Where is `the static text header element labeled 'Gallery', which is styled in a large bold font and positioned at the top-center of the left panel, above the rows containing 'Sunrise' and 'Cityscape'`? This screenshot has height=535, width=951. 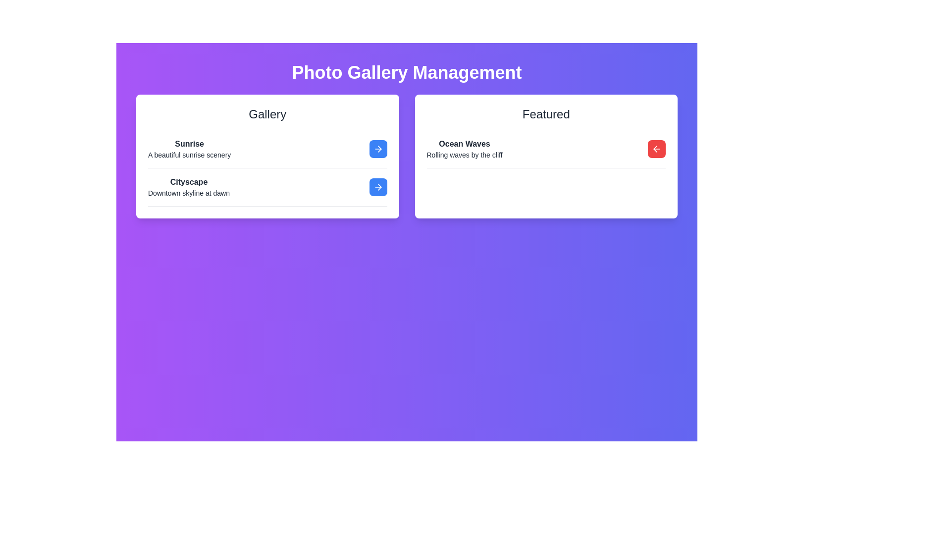 the static text header element labeled 'Gallery', which is styled in a large bold font and positioned at the top-center of the left panel, above the rows containing 'Sunrise' and 'Cityscape' is located at coordinates (267, 114).